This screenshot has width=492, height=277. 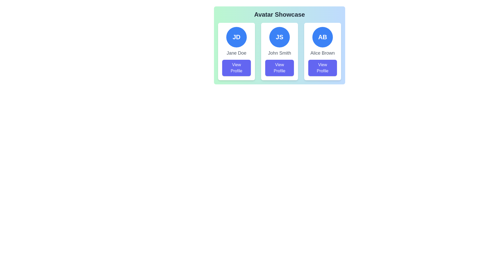 What do you see at coordinates (236, 68) in the screenshot?
I see `the 'View Profile' button with a light indigo-blue background and white text, located within Jane Doe's profile card` at bounding box center [236, 68].